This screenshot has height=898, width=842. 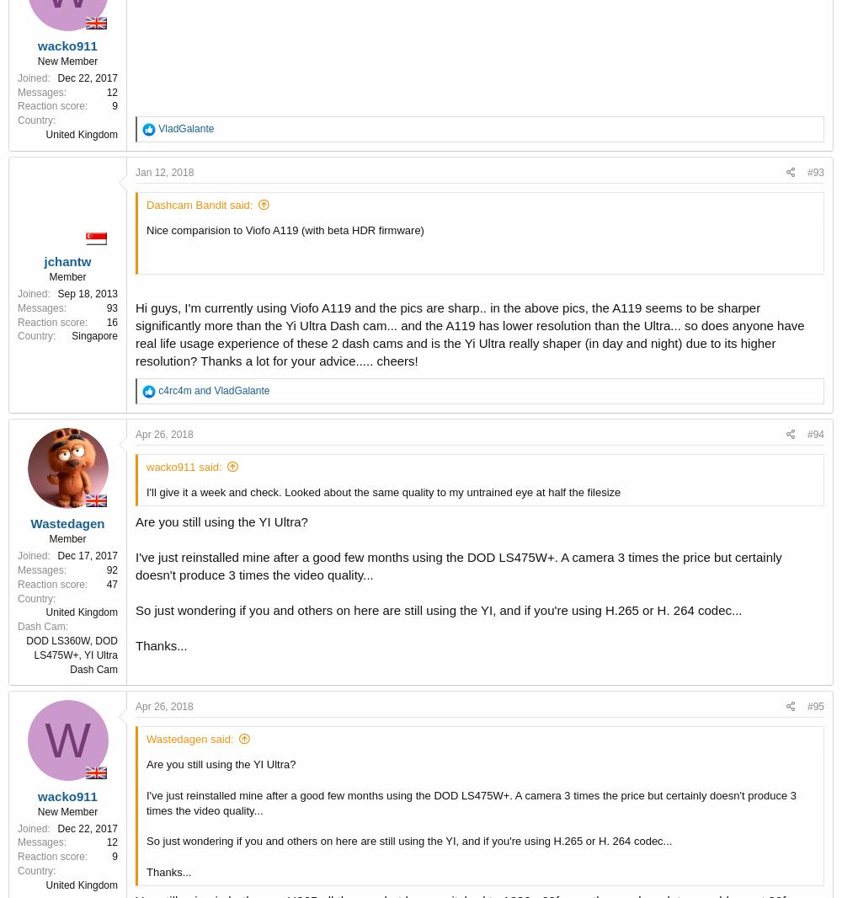 What do you see at coordinates (199, 203) in the screenshot?
I see `'Dashcam Bandit said:'` at bounding box center [199, 203].